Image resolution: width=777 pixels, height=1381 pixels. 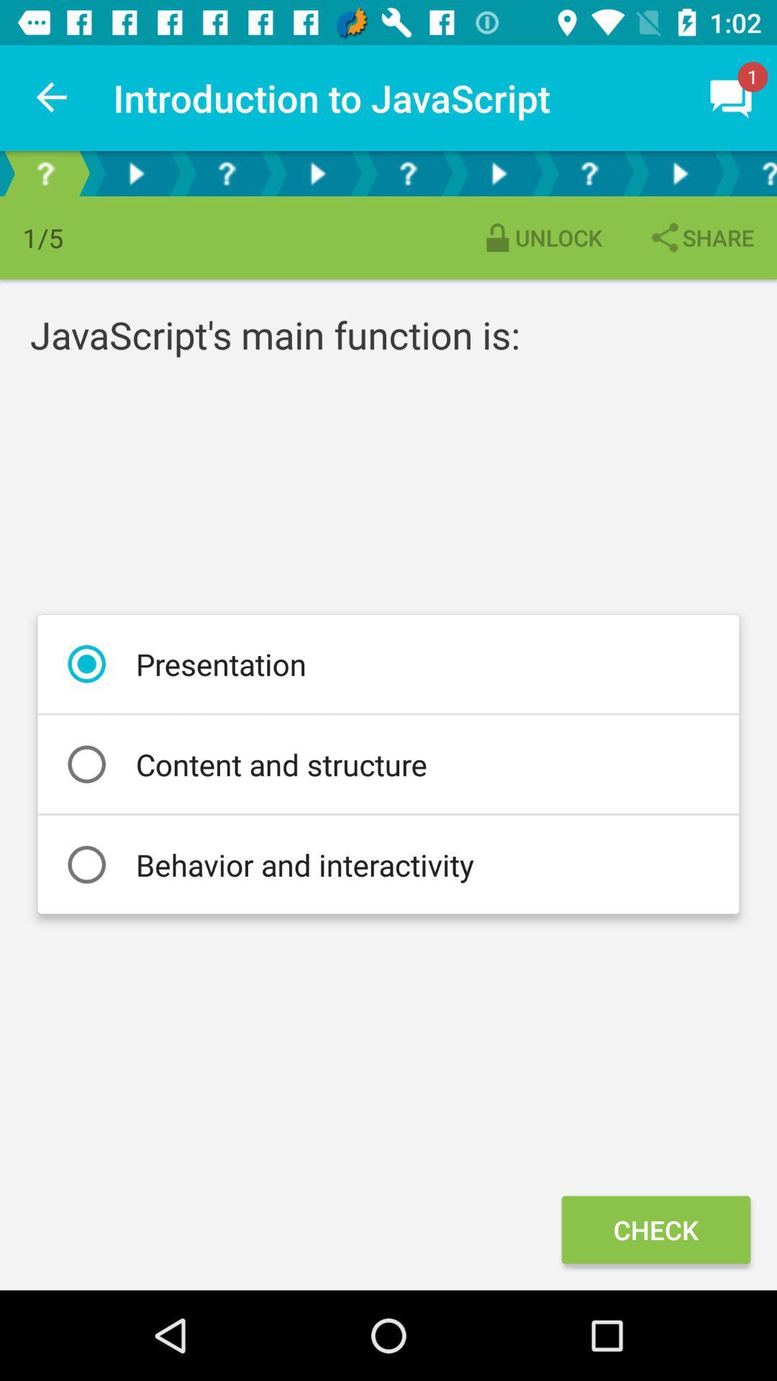 What do you see at coordinates (750, 173) in the screenshot?
I see `blue question mark option` at bounding box center [750, 173].